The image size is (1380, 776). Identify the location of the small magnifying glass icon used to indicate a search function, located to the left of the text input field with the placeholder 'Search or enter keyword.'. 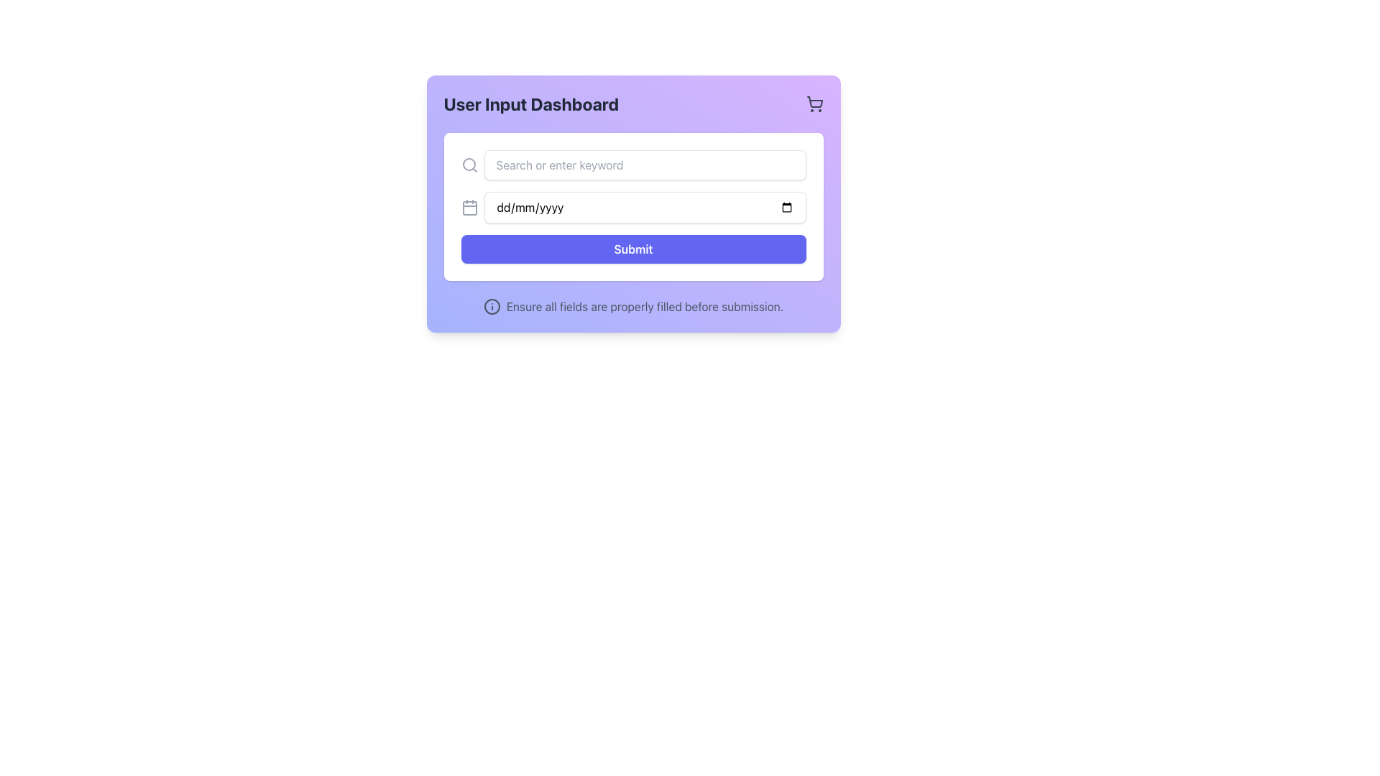
(469, 165).